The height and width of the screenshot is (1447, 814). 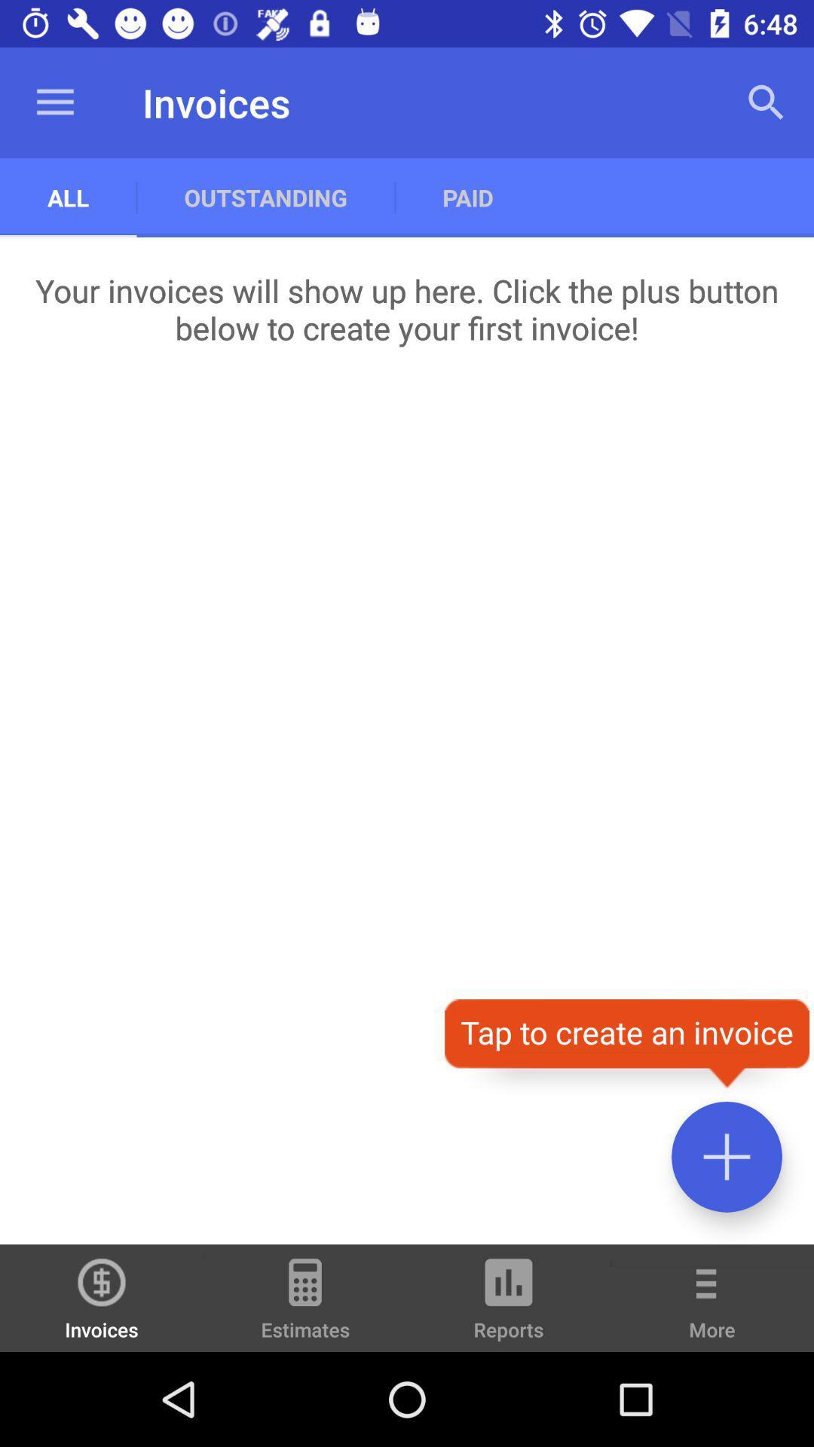 I want to click on the estimates icon, so click(x=305, y=1305).